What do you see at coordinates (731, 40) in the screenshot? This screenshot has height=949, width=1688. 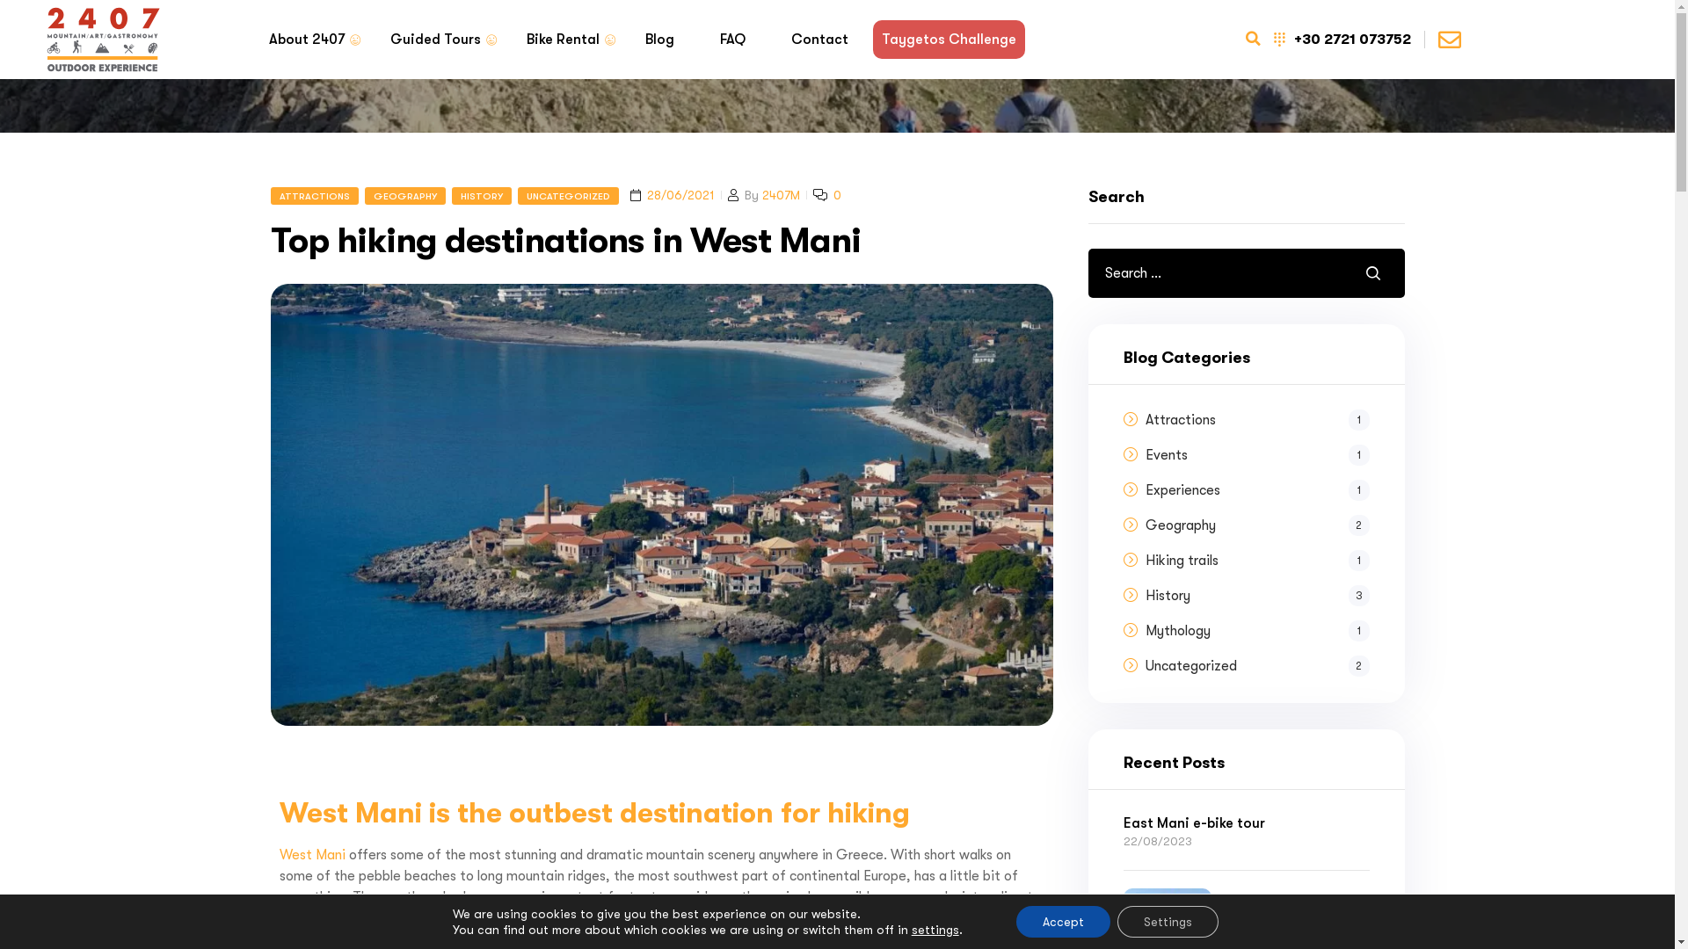 I see `'FAQ'` at bounding box center [731, 40].